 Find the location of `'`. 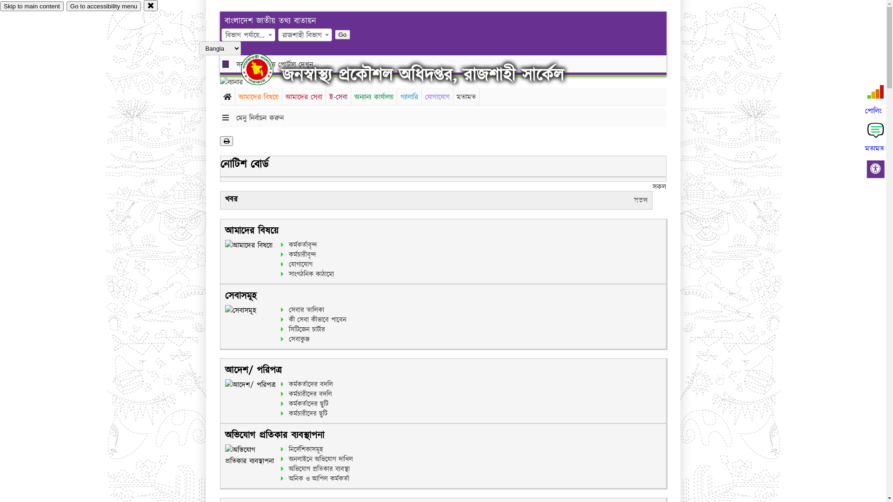

' is located at coordinates (265, 69).